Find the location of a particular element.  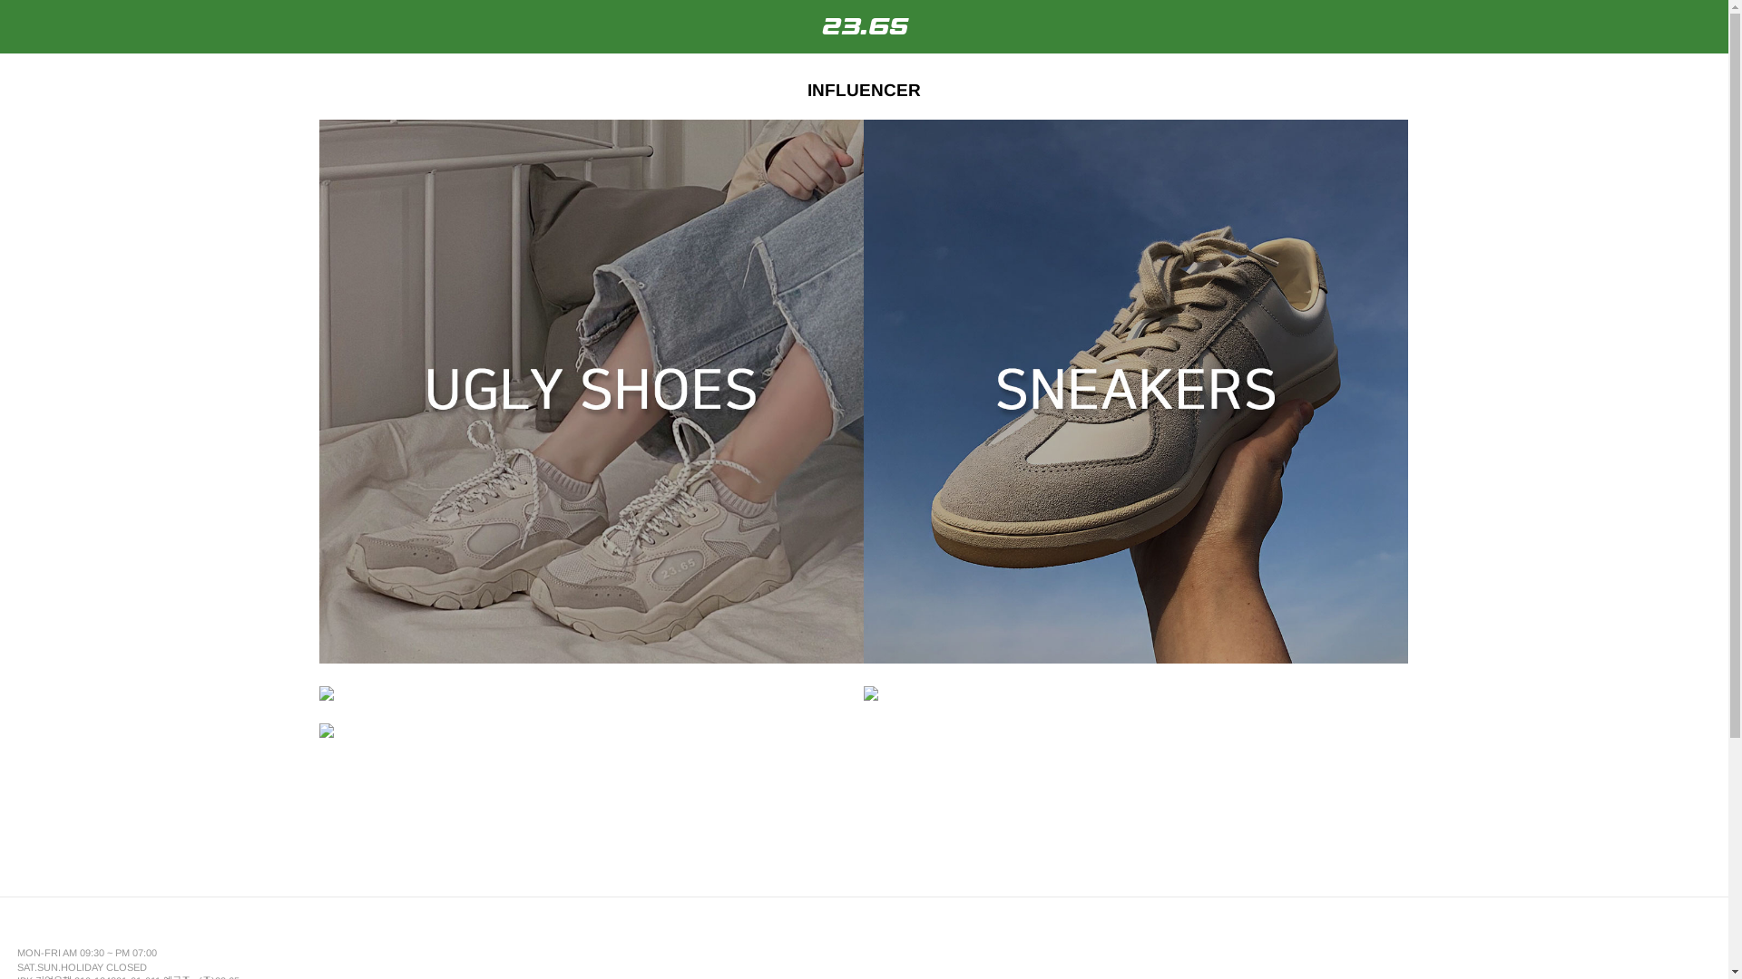

'23.65' is located at coordinates (862, 26).